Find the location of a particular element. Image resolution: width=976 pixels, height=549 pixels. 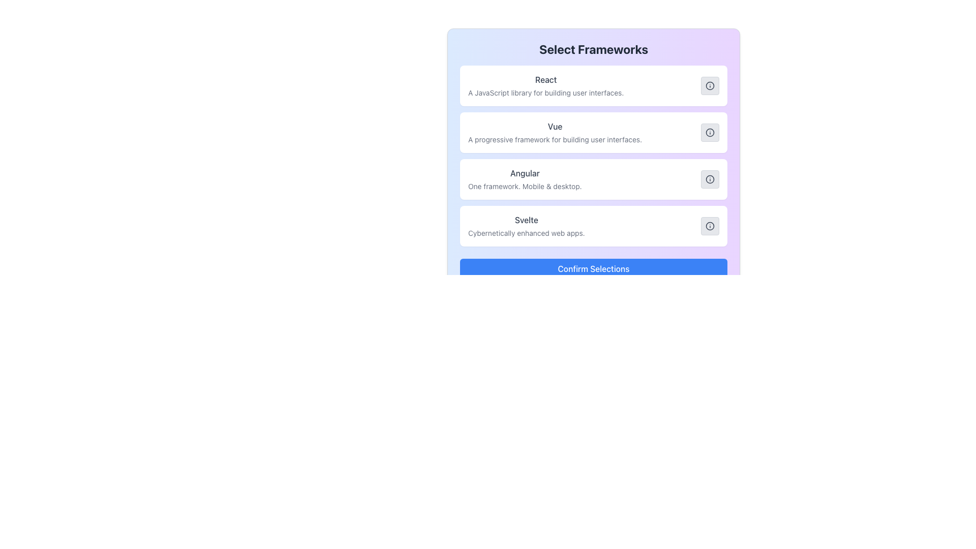

the Icon (Information) next to the 'React' option is located at coordinates (709, 85).